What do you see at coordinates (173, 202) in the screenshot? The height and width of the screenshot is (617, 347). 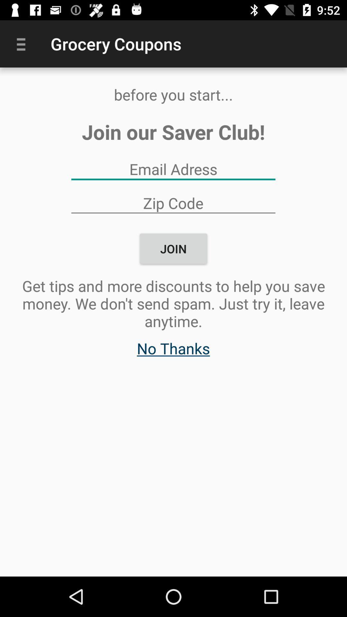 I see `zip code` at bounding box center [173, 202].